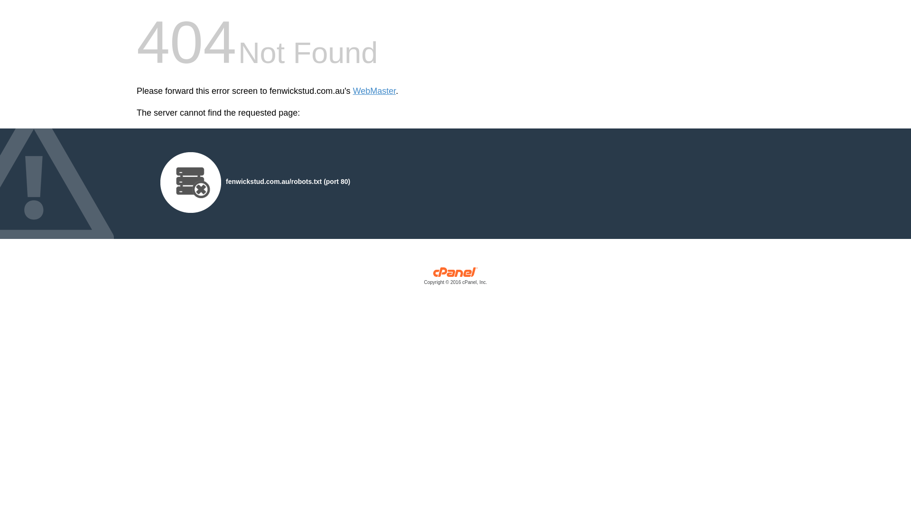 Image resolution: width=911 pixels, height=512 pixels. I want to click on 'WebMaster', so click(374, 91).